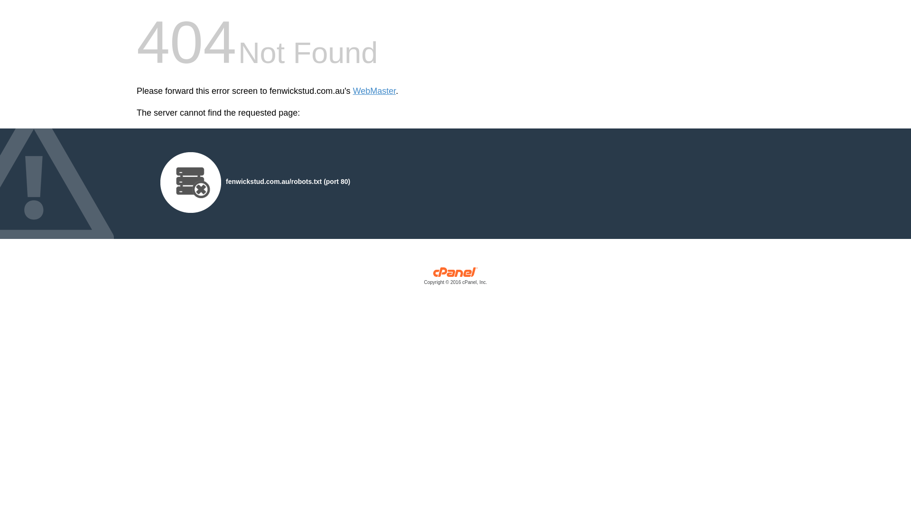 Image resolution: width=911 pixels, height=512 pixels. I want to click on 'WebMaster', so click(374, 91).